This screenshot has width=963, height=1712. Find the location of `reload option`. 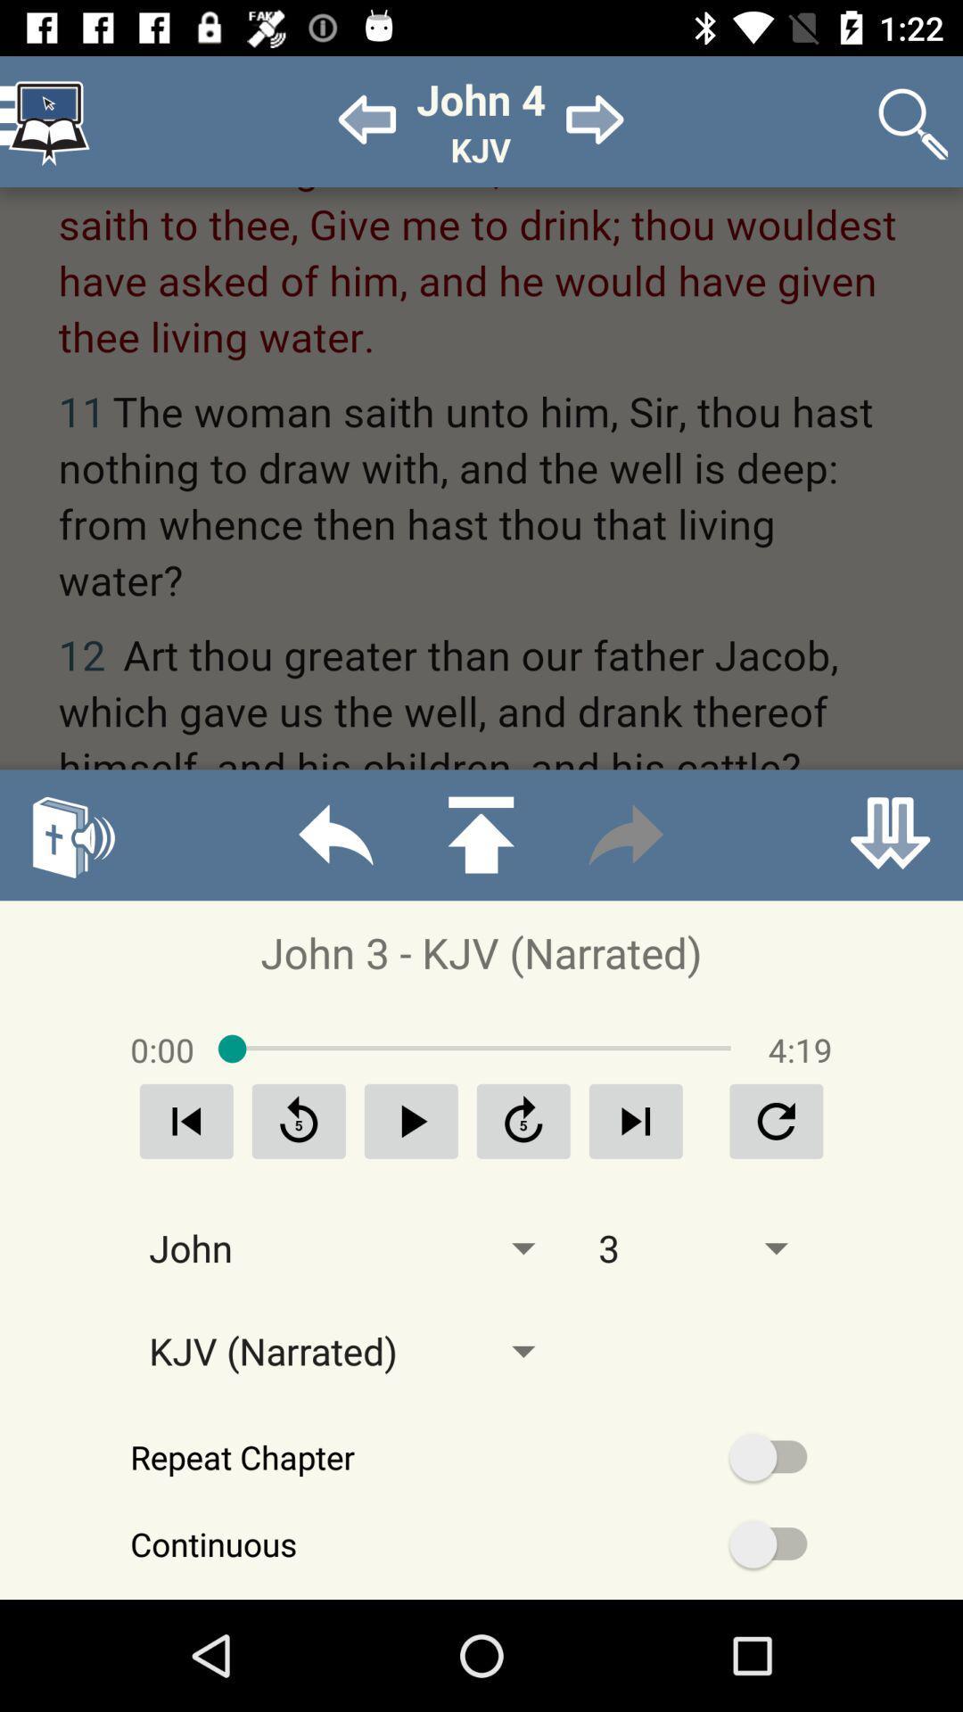

reload option is located at coordinates (298, 1120).